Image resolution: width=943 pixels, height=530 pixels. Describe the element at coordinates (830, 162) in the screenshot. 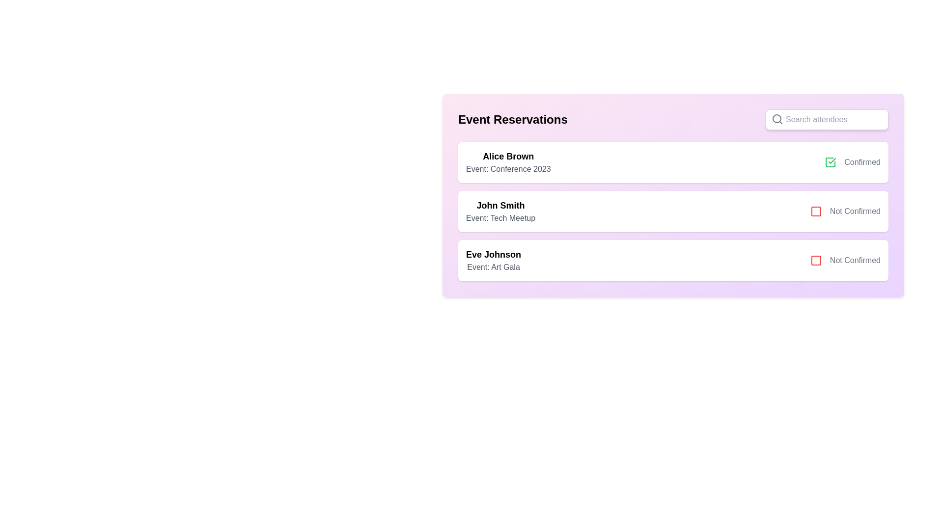

I see `the Checkmark in Square icon located immediately to the left of the 'Confirmed' label in the top-right corner of the uppermost item in the event list` at that location.